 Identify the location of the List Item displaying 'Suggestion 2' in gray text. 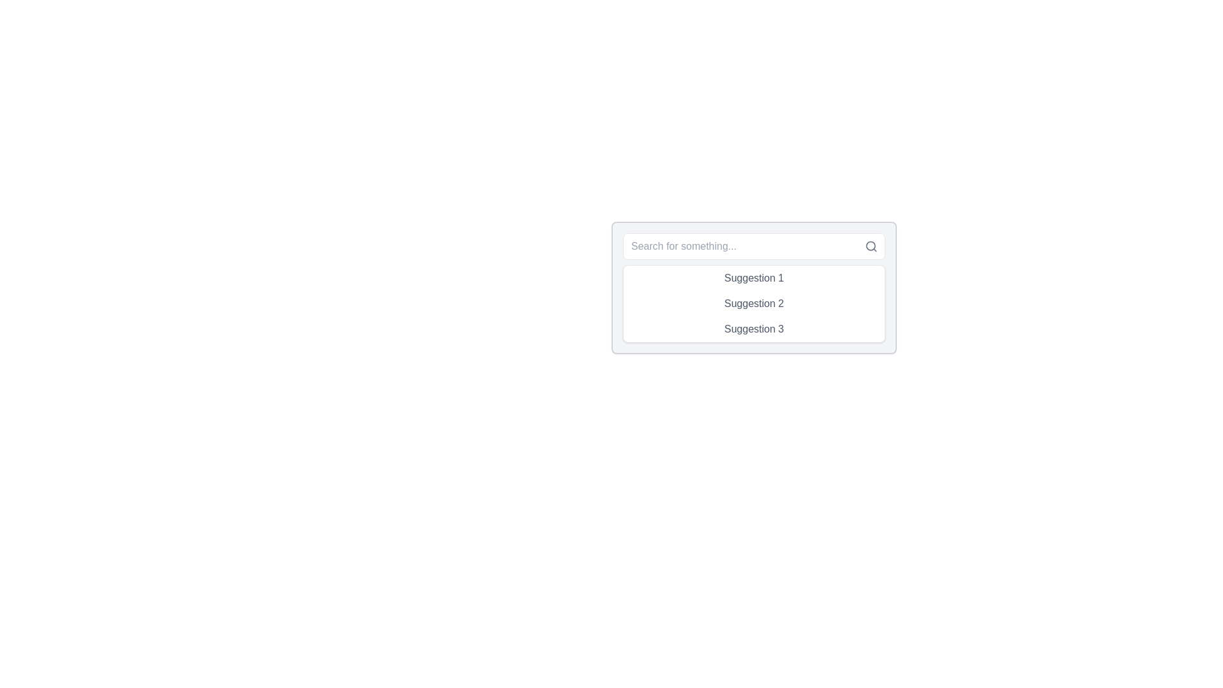
(754, 304).